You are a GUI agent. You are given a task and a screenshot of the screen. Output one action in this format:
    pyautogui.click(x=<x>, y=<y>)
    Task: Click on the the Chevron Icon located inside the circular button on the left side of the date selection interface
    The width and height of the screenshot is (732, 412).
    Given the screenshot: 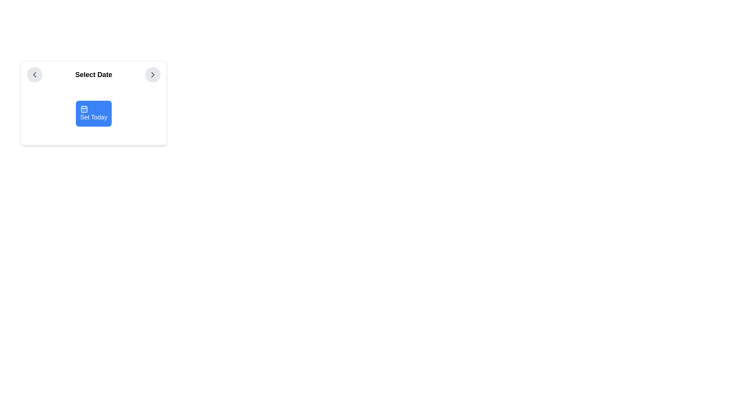 What is the action you would take?
    pyautogui.click(x=34, y=75)
    